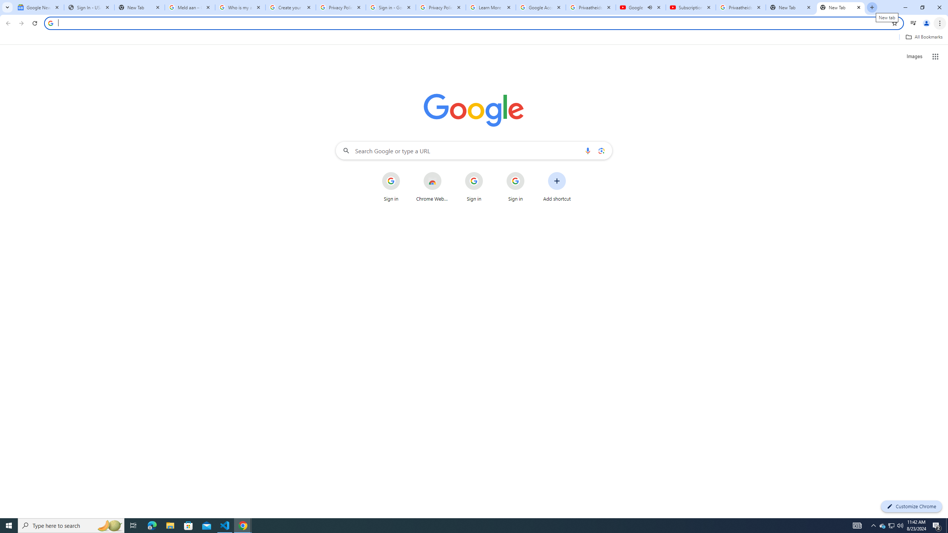 This screenshot has height=533, width=948. What do you see at coordinates (447, 173) in the screenshot?
I see `'More actions for Chrome Web Store shortcut'` at bounding box center [447, 173].